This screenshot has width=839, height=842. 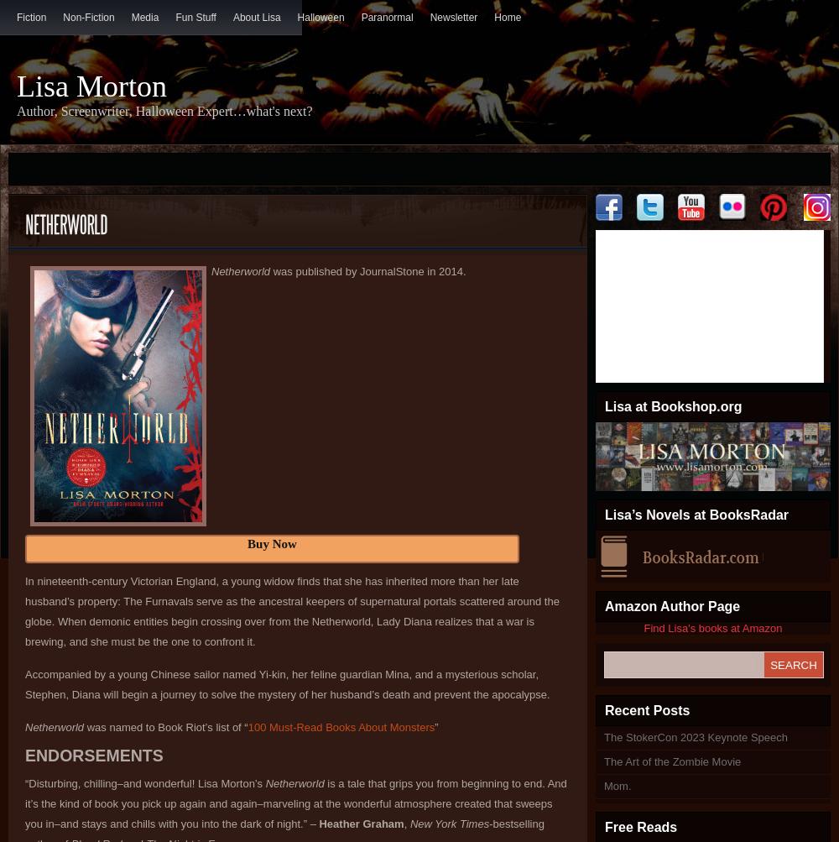 I want to click on 'Amazon Author Page', so click(x=672, y=605).